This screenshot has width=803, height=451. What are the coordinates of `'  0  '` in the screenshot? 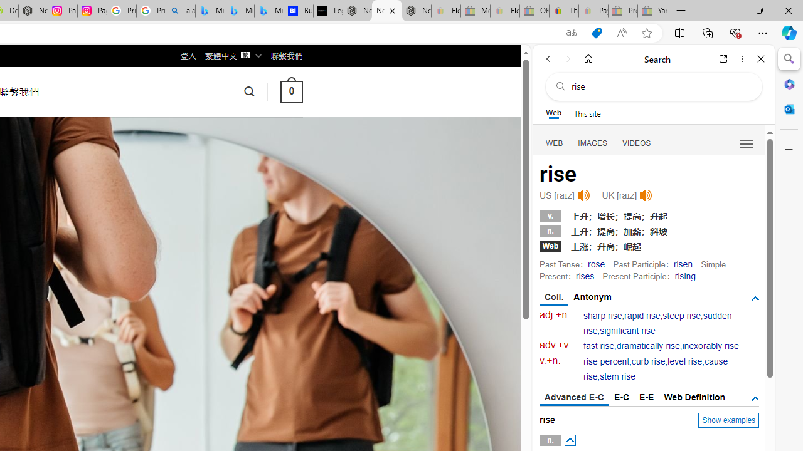 It's located at (290, 91).